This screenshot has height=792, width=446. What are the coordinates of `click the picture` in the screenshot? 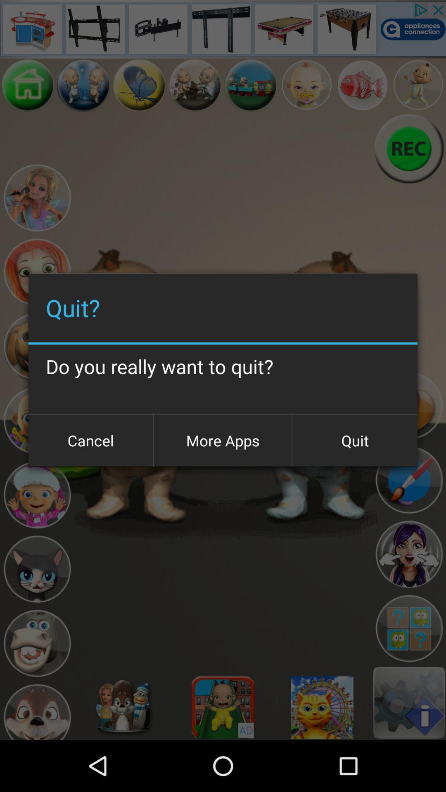 It's located at (139, 85).